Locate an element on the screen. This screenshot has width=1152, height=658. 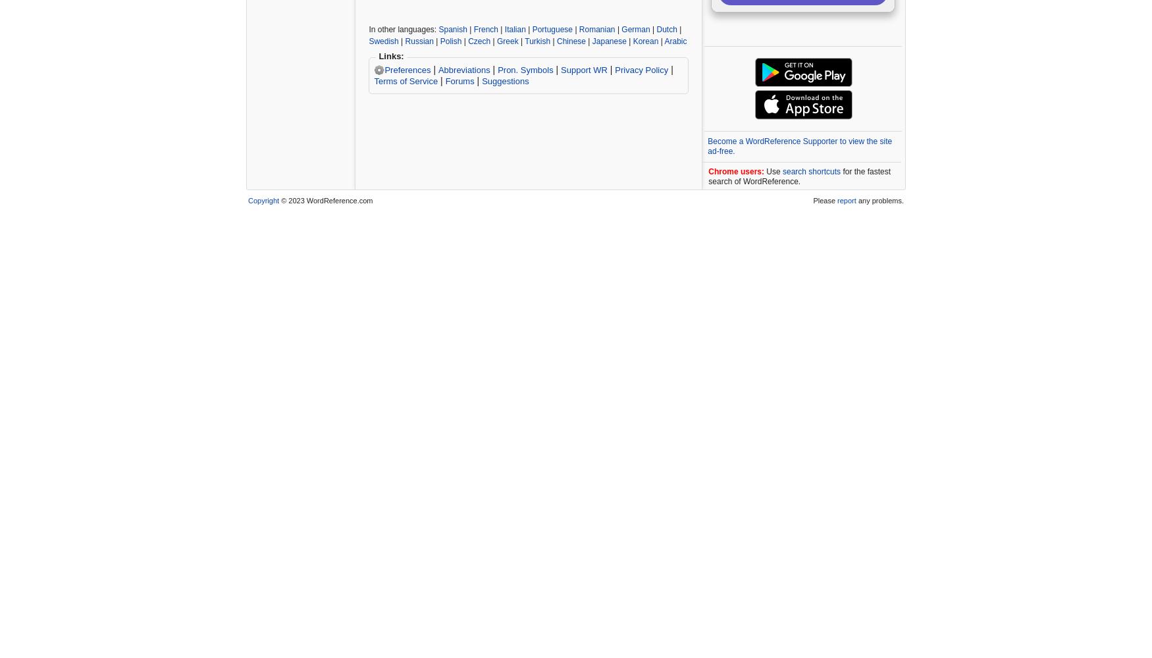
'Korean' is located at coordinates (632, 41).